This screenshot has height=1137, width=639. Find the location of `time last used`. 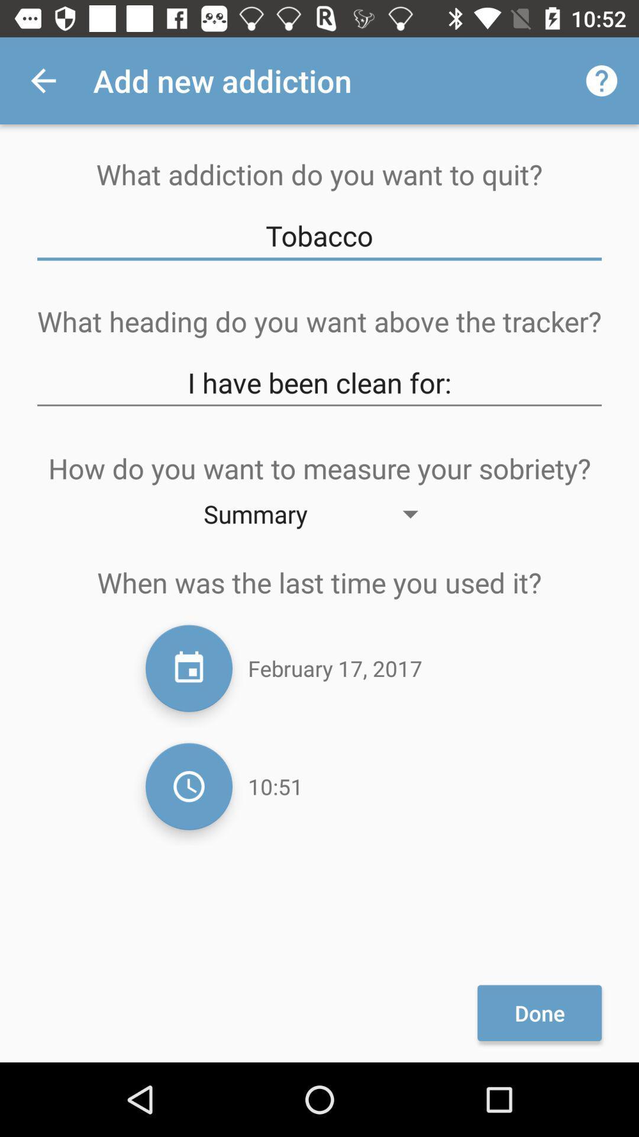

time last used is located at coordinates (188, 786).